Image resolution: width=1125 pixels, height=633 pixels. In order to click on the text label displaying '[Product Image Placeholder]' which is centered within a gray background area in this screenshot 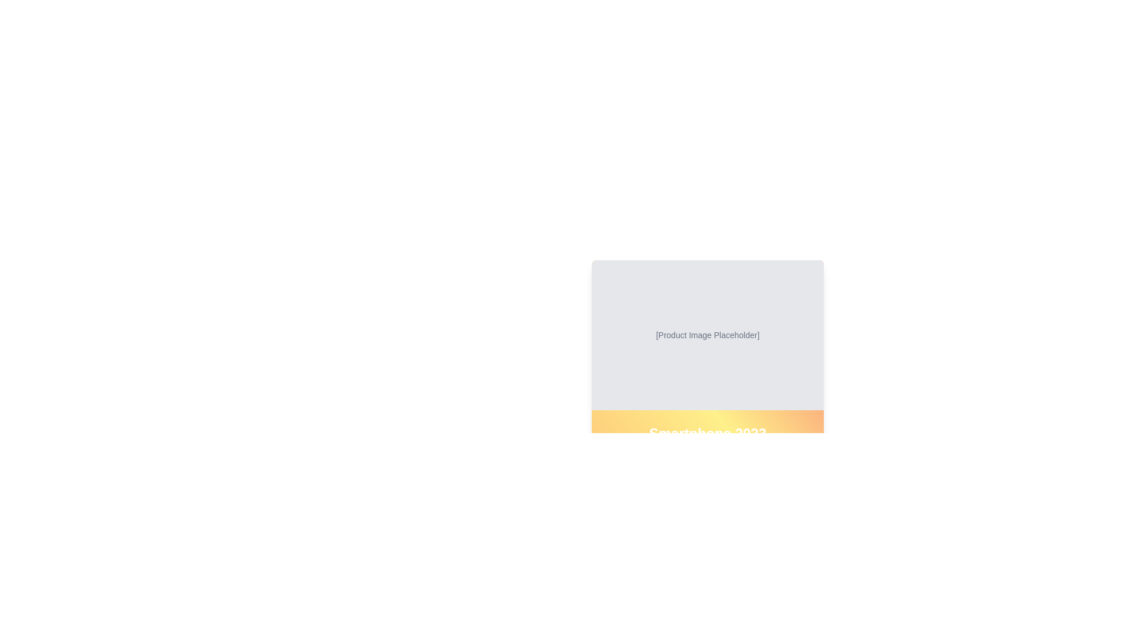, I will do `click(707, 335)`.